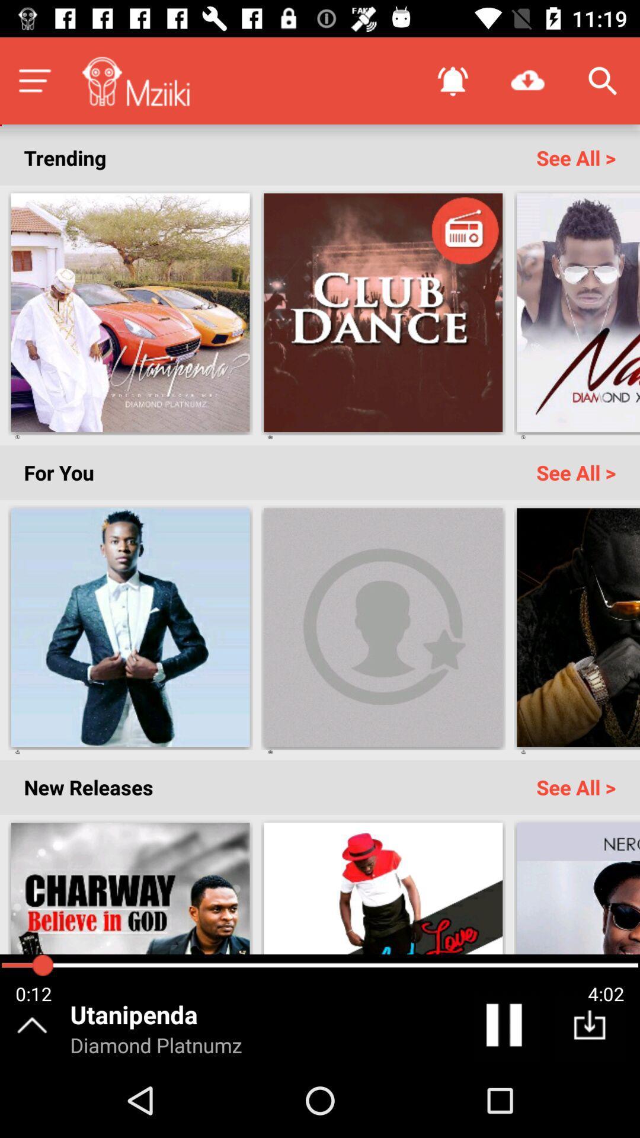  Describe the element at coordinates (34, 80) in the screenshot. I see `see the menu` at that location.